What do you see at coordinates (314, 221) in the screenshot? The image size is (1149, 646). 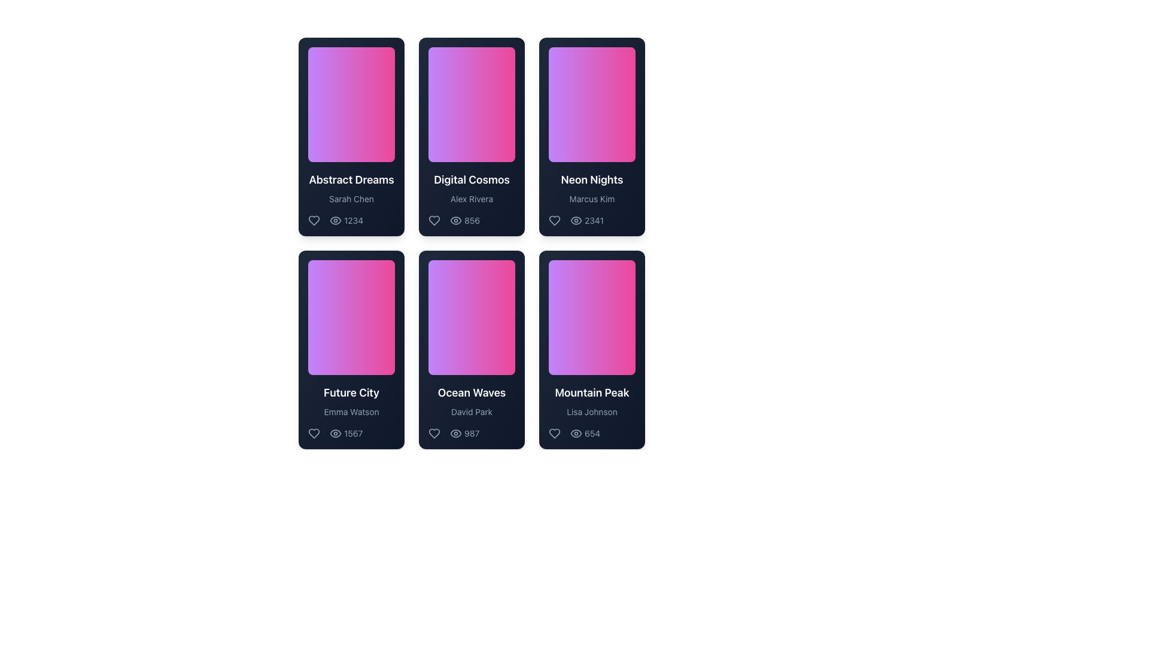 I see `the heart-shaped icon located below the 'Abstract Dreams' card's title and description, which is the leftmost icon in a horizontal group next to the text '1234'` at bounding box center [314, 221].